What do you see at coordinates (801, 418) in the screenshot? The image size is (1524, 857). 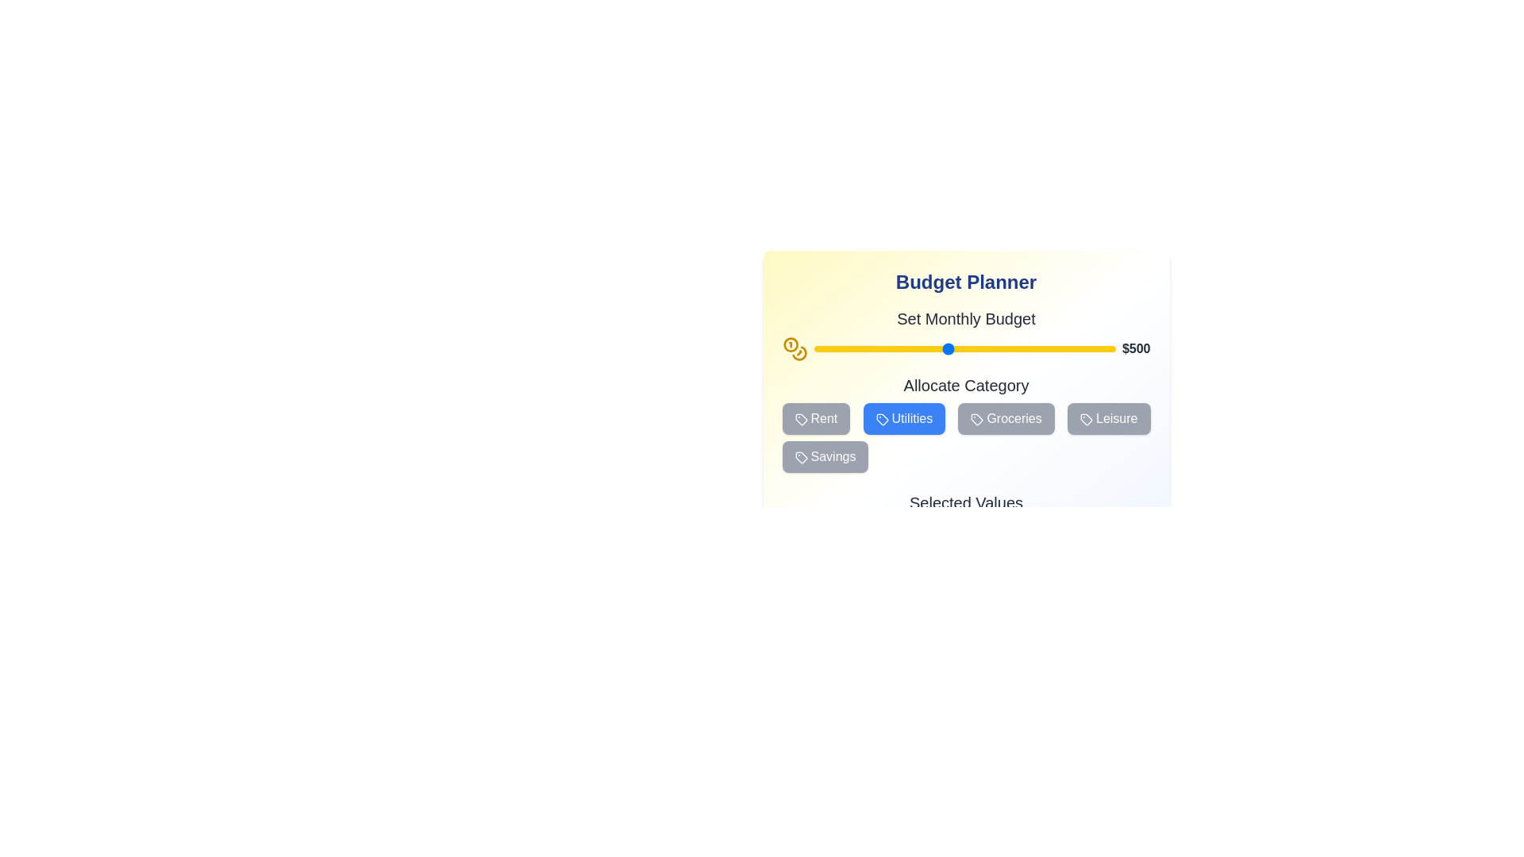 I see `the visual representation of the 'Rent' category icon located within the 'Rent' button in the budget allocation interface` at bounding box center [801, 418].